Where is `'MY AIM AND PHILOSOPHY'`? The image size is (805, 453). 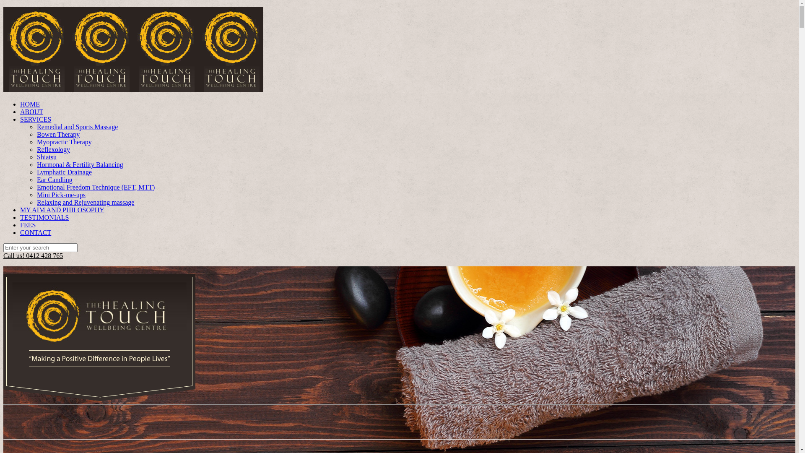 'MY AIM AND PHILOSOPHY' is located at coordinates (62, 209).